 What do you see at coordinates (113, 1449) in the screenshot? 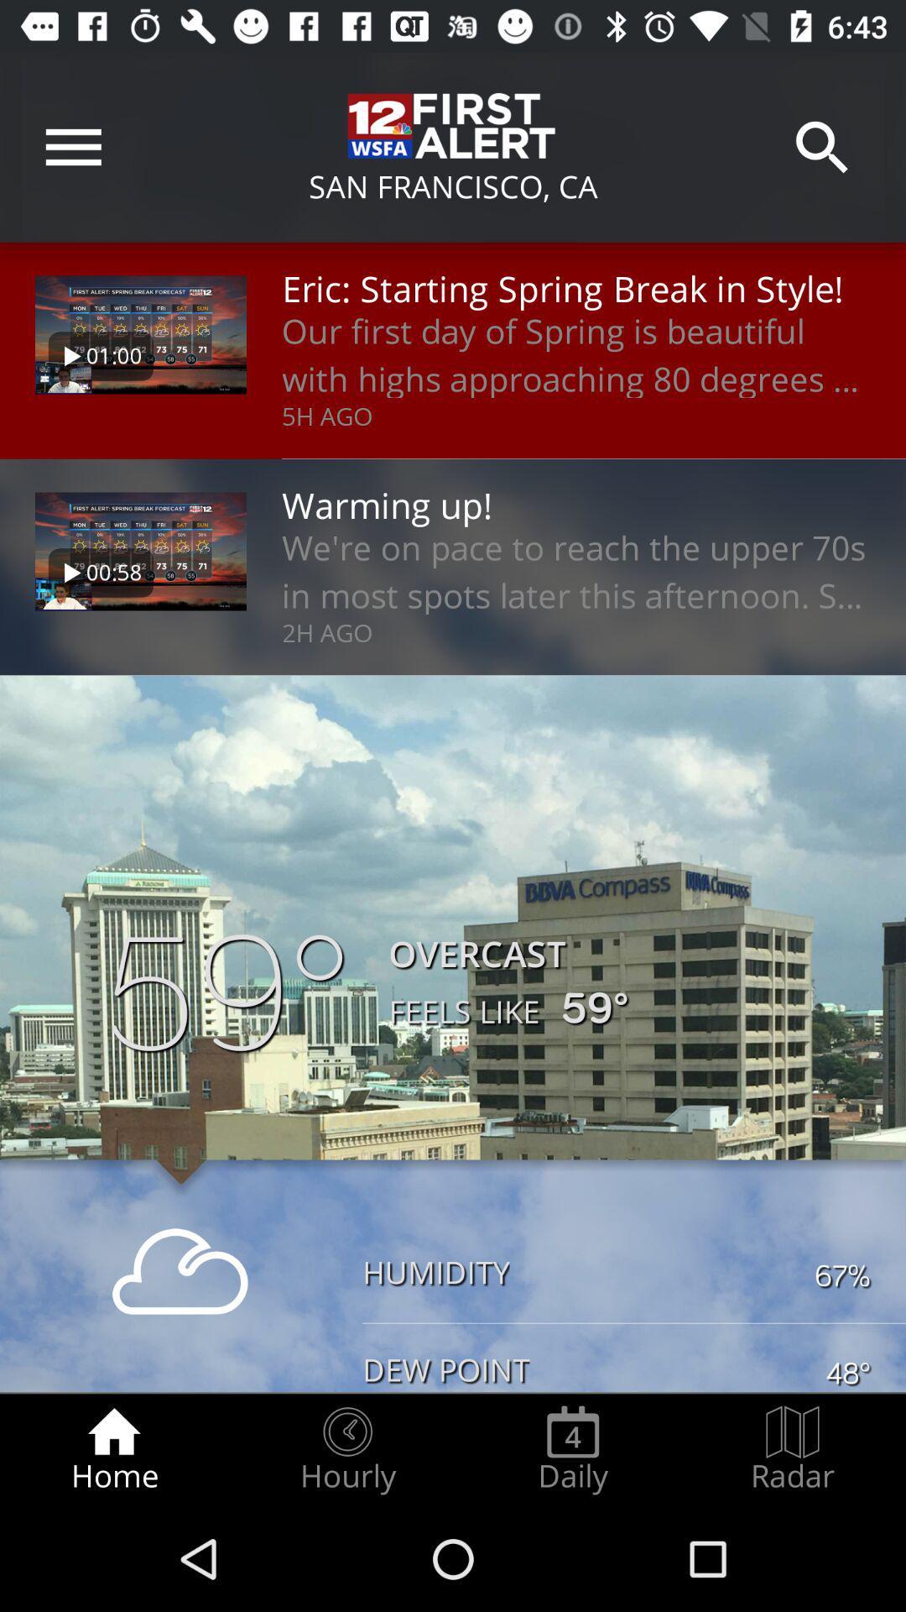
I see `icon next to hourly icon` at bounding box center [113, 1449].